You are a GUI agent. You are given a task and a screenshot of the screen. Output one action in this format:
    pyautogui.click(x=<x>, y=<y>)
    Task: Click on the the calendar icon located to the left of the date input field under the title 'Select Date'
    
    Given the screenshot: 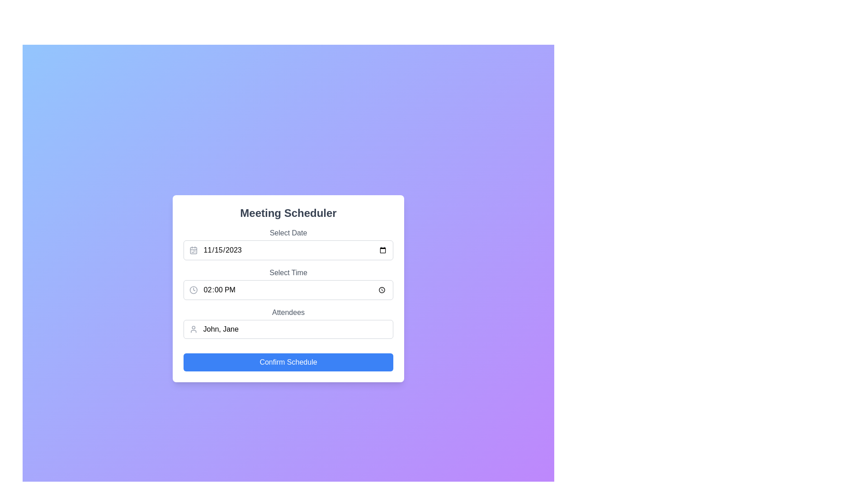 What is the action you would take?
    pyautogui.click(x=193, y=250)
    